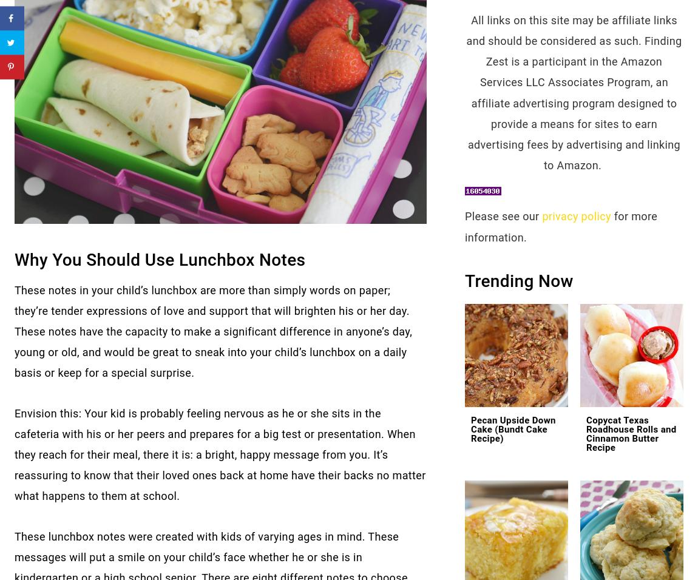 This screenshot has height=580, width=698. Describe the element at coordinates (512, 430) in the screenshot. I see `'Pecan Upside Down Cake (Bundt Cake Recipe)'` at that location.